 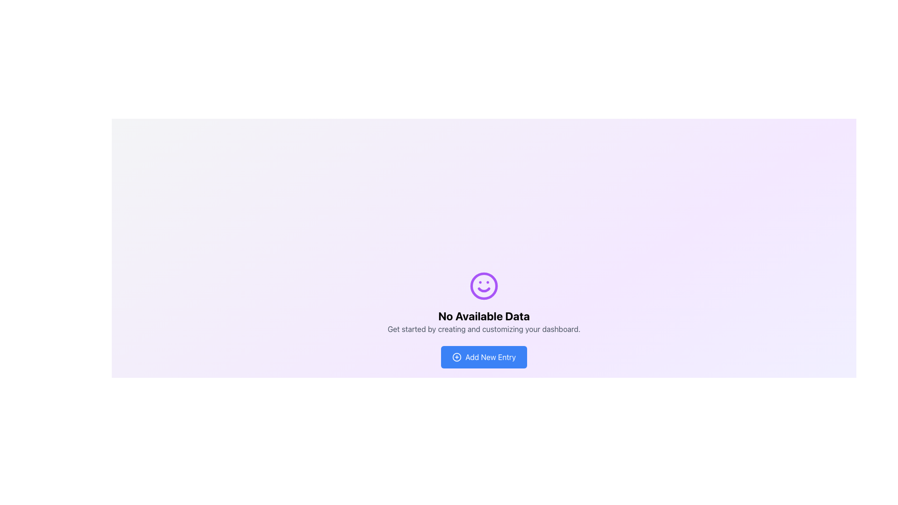 I want to click on the hyperlink located in the lower portion of the interface, which serves as a navigational link, so click(x=550, y=450).